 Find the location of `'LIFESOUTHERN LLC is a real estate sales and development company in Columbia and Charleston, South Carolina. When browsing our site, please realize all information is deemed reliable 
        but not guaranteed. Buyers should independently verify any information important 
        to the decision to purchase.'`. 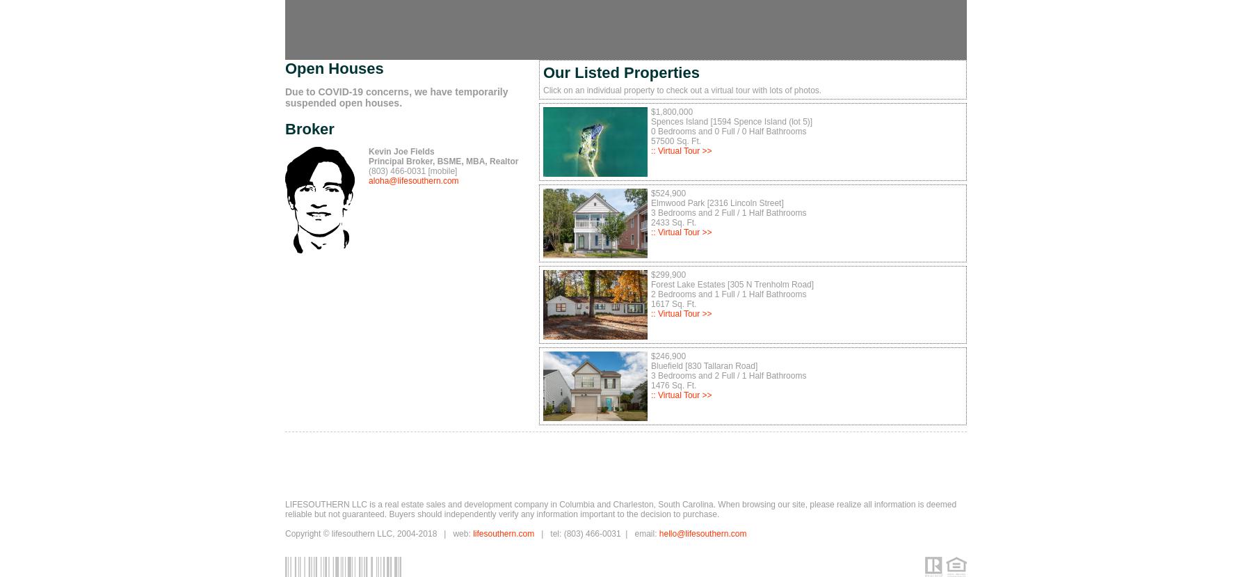

'LIFESOUTHERN LLC is a real estate sales and development company in Columbia and Charleston, South Carolina. When browsing our site, please realize all information is deemed reliable 
        but not guaranteed. Buyers should independently verify any information important 
        to the decision to purchase.' is located at coordinates (285, 509).